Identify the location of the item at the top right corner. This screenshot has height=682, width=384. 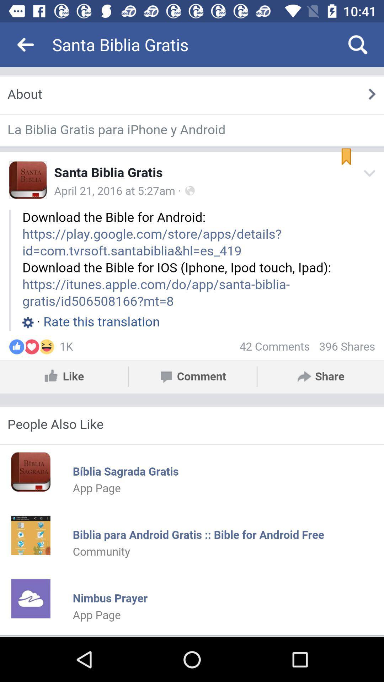
(358, 44).